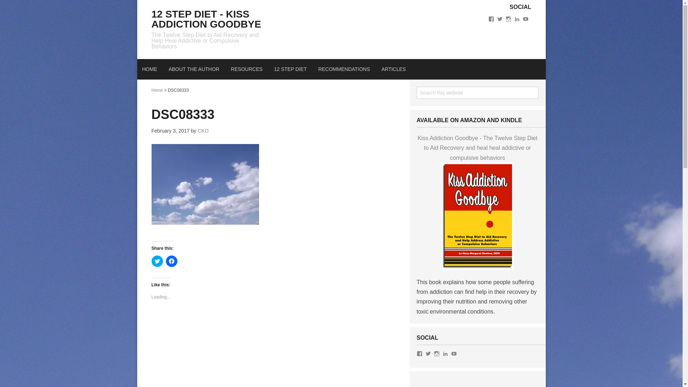  Describe the element at coordinates (202, 131) in the screenshot. I see `'CKO'` at that location.